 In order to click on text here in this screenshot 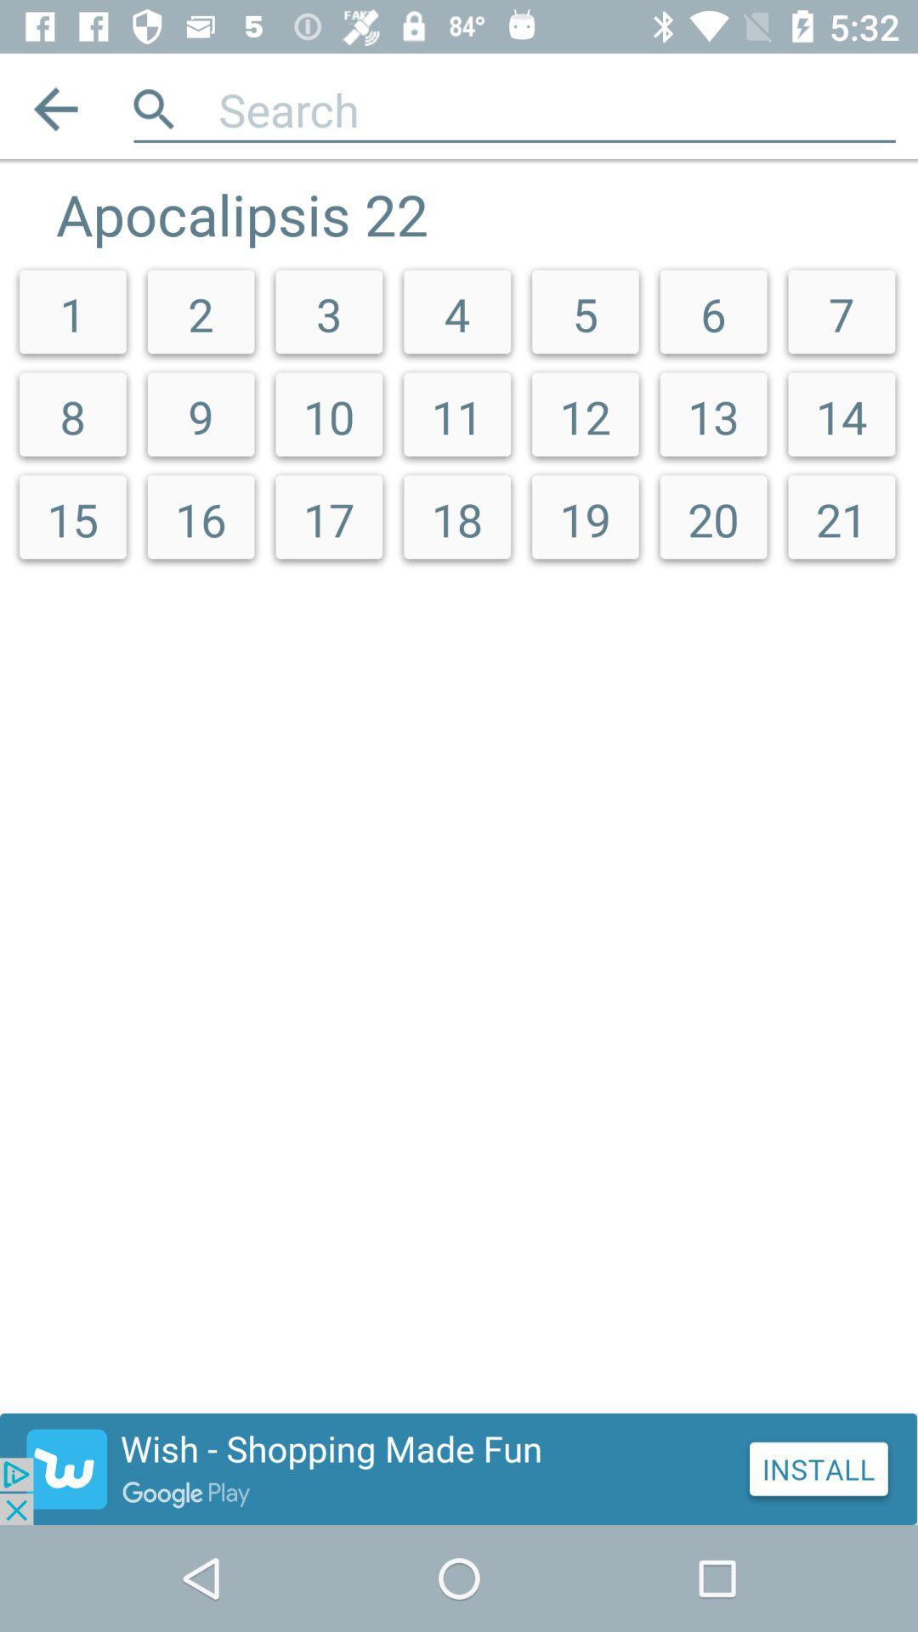, I will do `click(557, 108)`.